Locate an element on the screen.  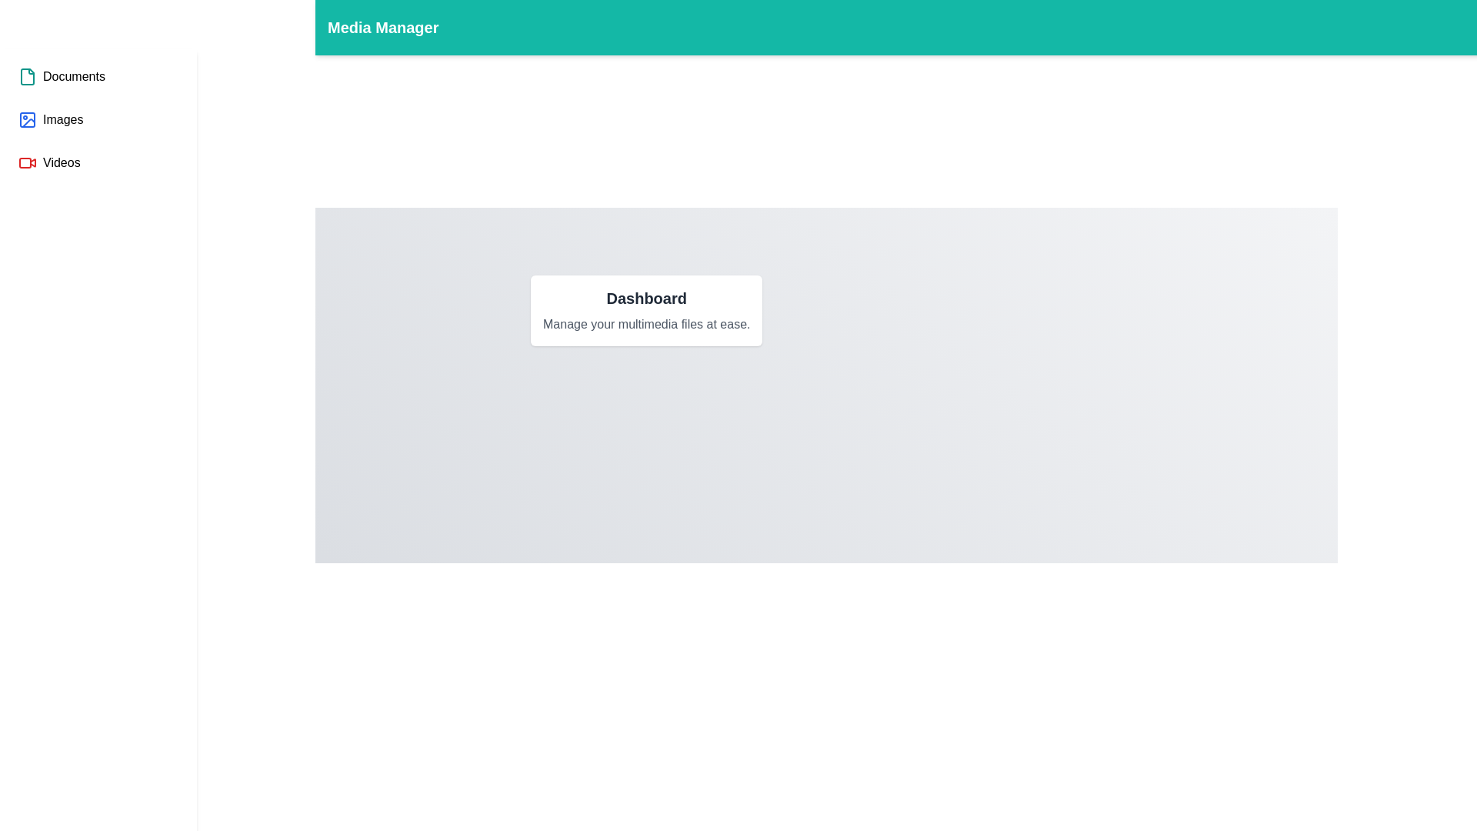
the Text label at the top of the card that provides a title for the content, which is located above the text 'Manage your multimedia files at ease.' is located at coordinates (646, 299).